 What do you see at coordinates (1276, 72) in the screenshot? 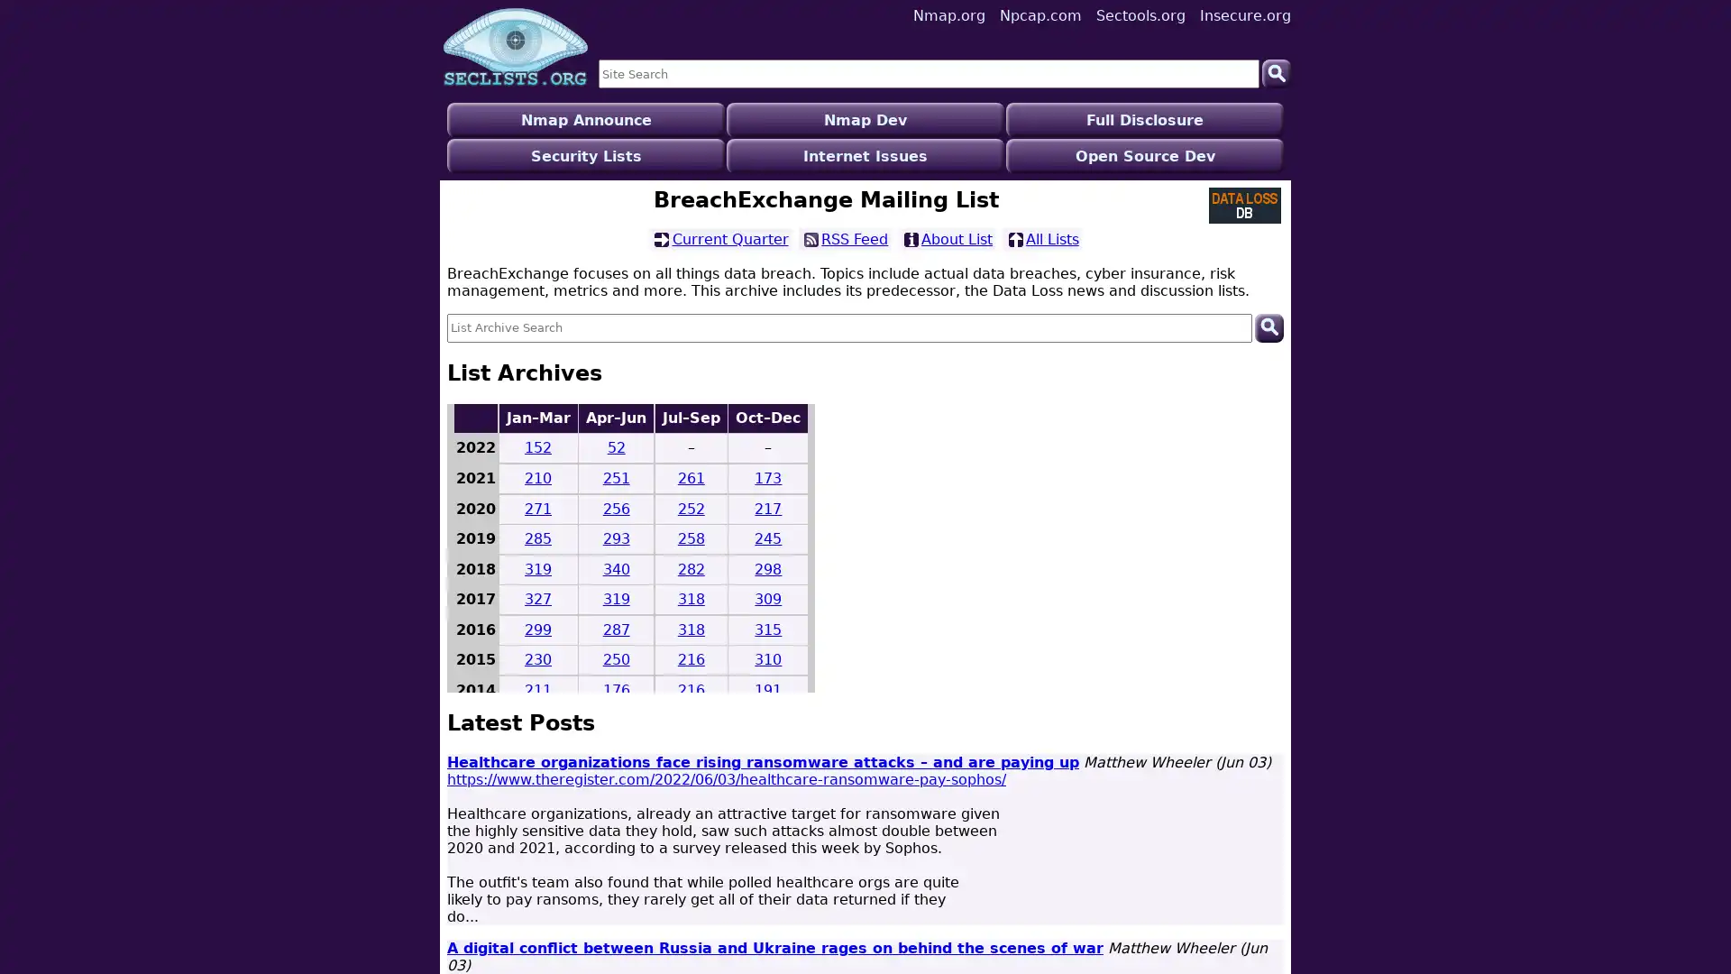
I see `Search` at bounding box center [1276, 72].